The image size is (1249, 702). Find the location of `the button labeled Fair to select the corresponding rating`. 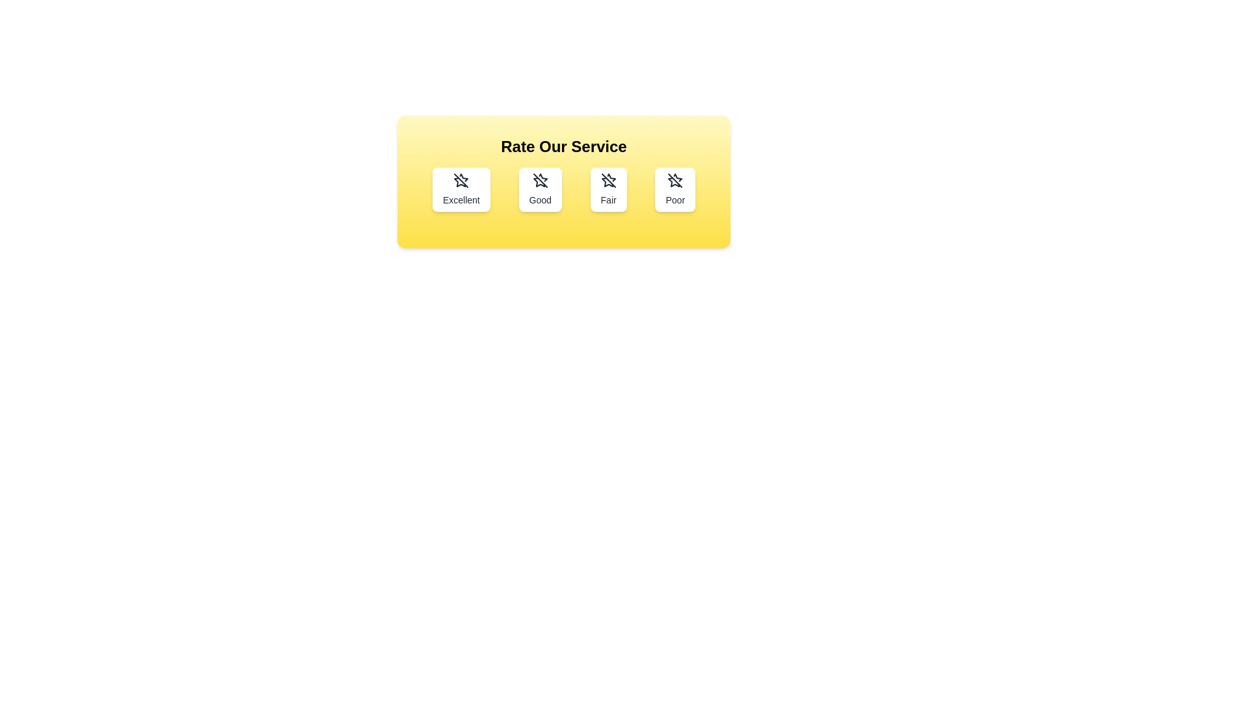

the button labeled Fair to select the corresponding rating is located at coordinates (608, 190).